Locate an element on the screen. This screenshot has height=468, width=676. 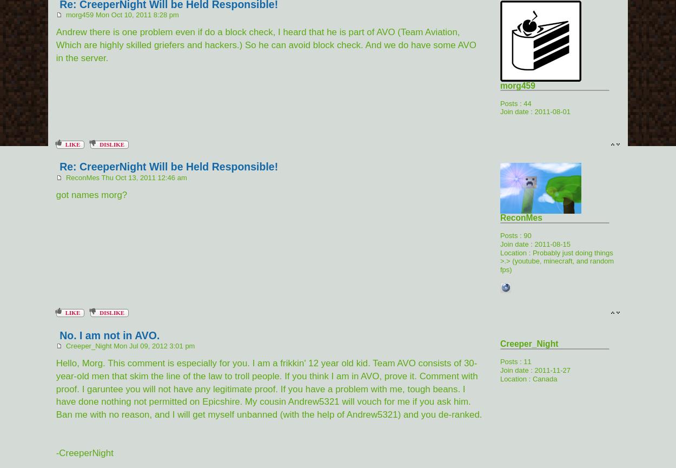
'Probably just doing things >.> (youtube, minecraft, and random fps)' is located at coordinates (556, 260).